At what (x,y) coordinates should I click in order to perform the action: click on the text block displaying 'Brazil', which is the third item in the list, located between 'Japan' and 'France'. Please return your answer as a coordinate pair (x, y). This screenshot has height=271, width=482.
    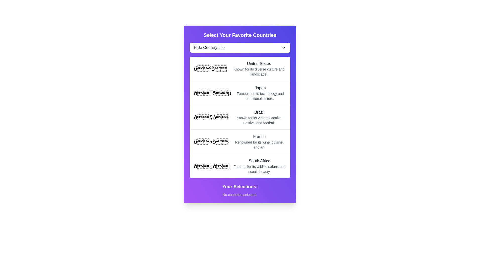
    Looking at the image, I should click on (259, 117).